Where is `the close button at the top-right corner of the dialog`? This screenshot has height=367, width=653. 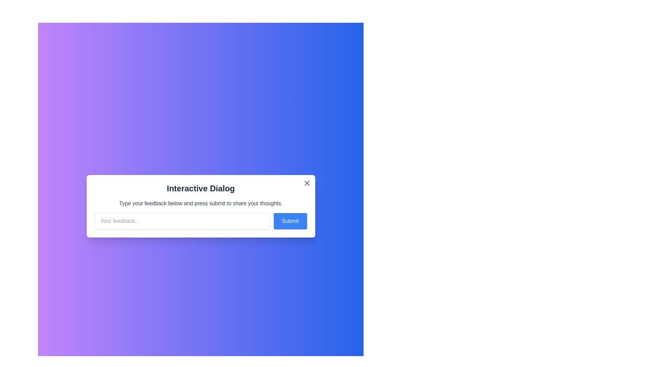 the close button at the top-right corner of the dialog is located at coordinates (306, 183).